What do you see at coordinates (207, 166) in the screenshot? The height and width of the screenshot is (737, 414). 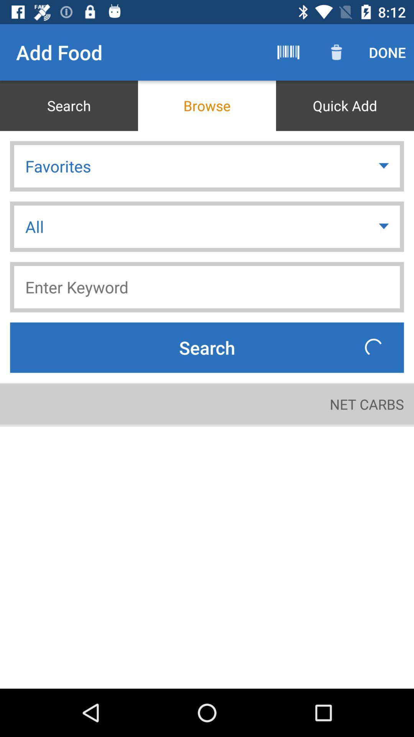 I see `icon above the all item` at bounding box center [207, 166].